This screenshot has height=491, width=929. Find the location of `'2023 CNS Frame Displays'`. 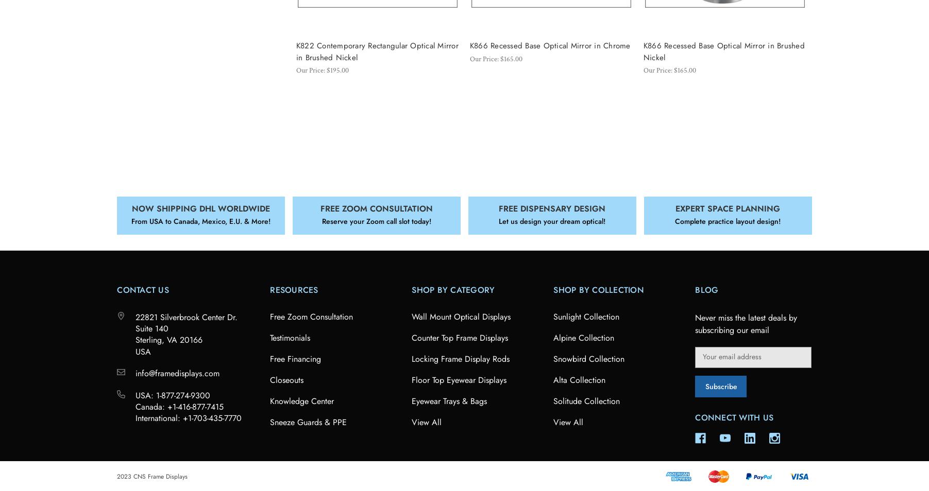

'2023 CNS Frame Displays' is located at coordinates (116, 476).